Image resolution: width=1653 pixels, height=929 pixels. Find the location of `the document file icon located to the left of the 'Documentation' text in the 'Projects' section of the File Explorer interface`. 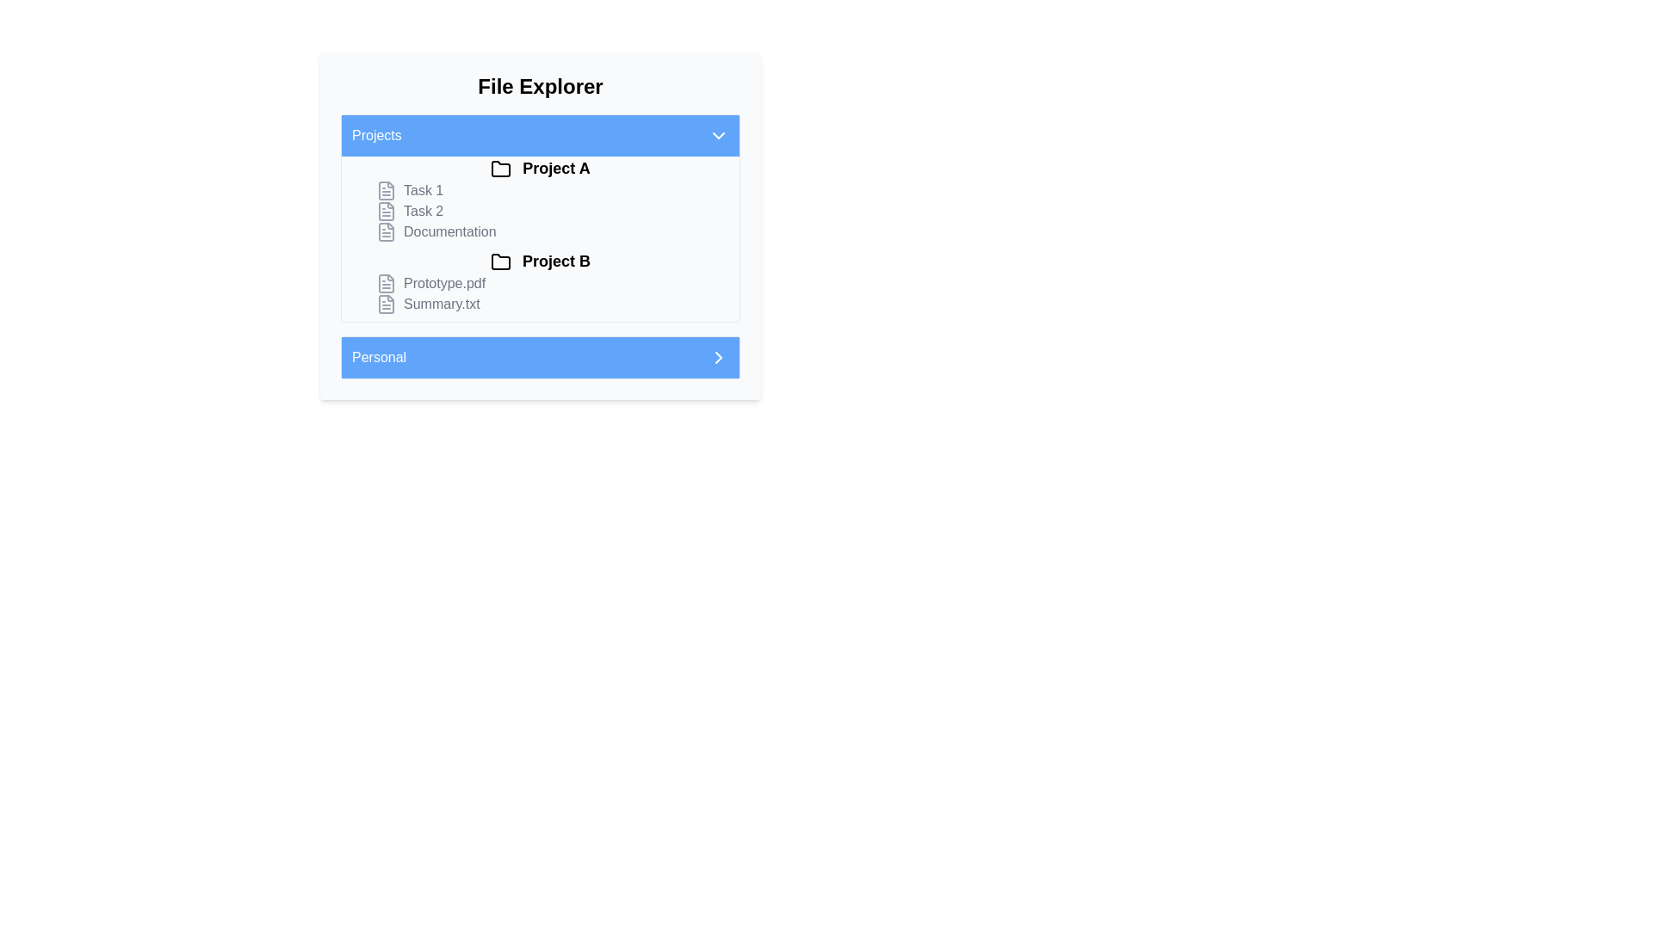

the document file icon located to the left of the 'Documentation' text in the 'Projects' section of the File Explorer interface is located at coordinates (386, 232).